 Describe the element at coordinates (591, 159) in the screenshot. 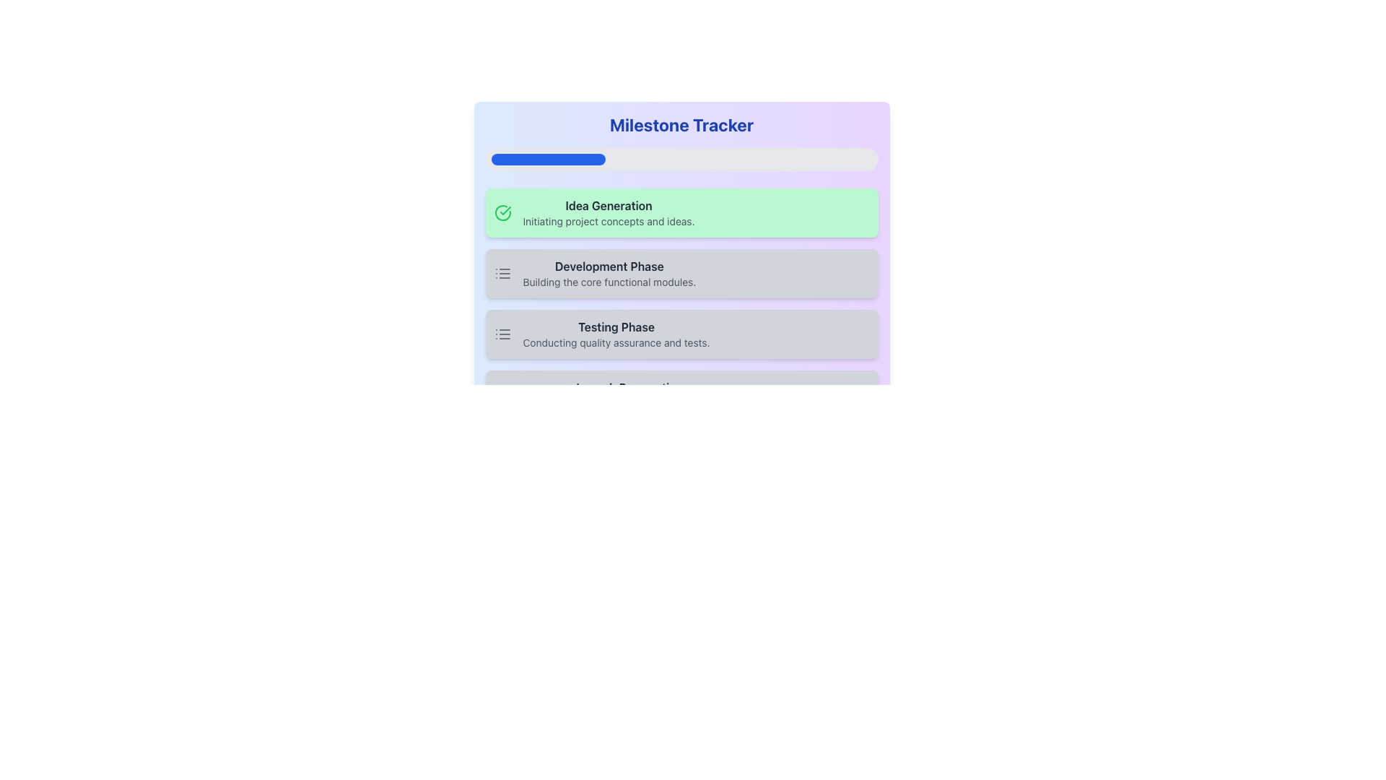

I see `the progress bar` at that location.